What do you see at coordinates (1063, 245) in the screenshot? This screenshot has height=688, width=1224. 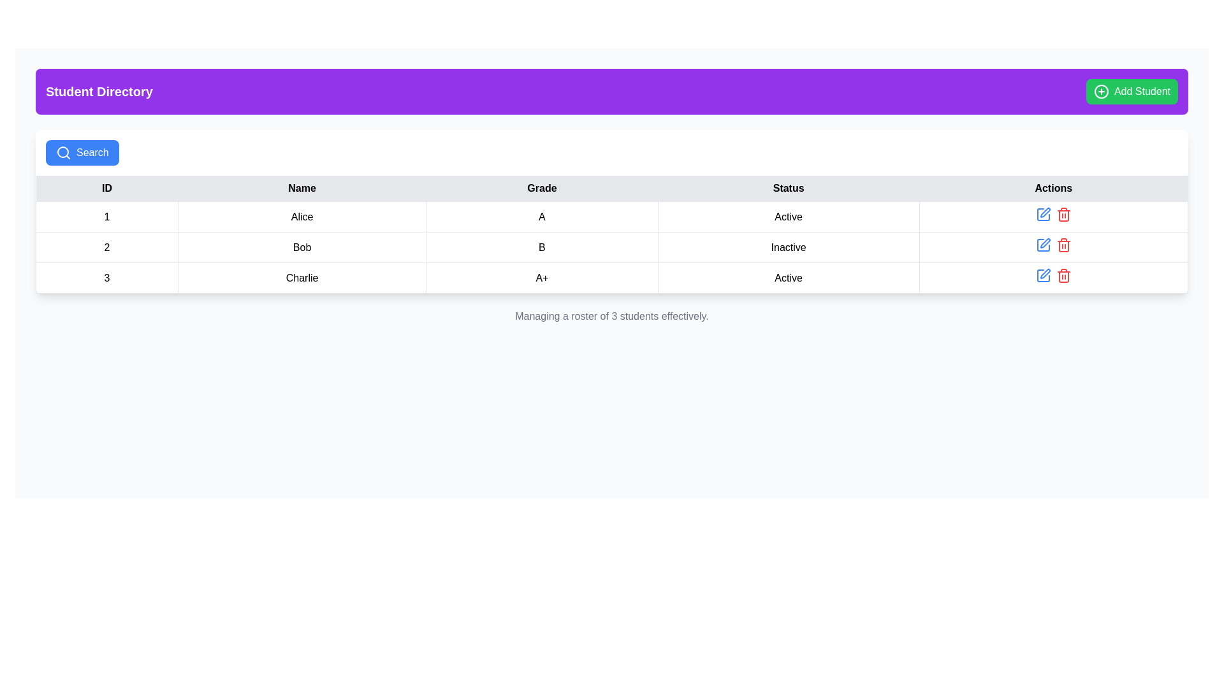 I see `the second red trash icon in the 'Actions' column of the table` at bounding box center [1063, 245].